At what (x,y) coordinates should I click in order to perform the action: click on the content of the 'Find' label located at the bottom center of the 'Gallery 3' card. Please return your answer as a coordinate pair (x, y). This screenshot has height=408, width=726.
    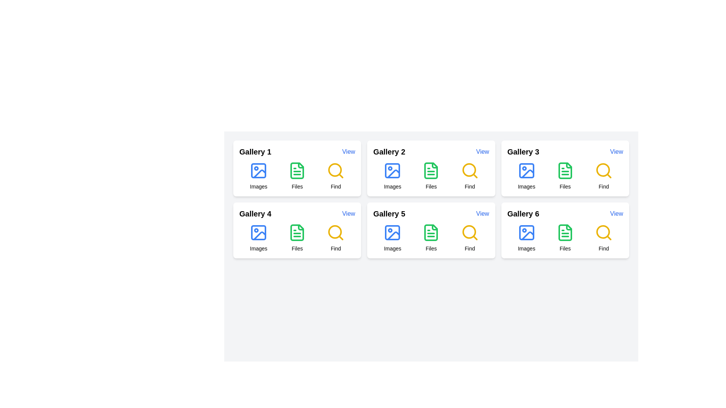
    Looking at the image, I should click on (603, 186).